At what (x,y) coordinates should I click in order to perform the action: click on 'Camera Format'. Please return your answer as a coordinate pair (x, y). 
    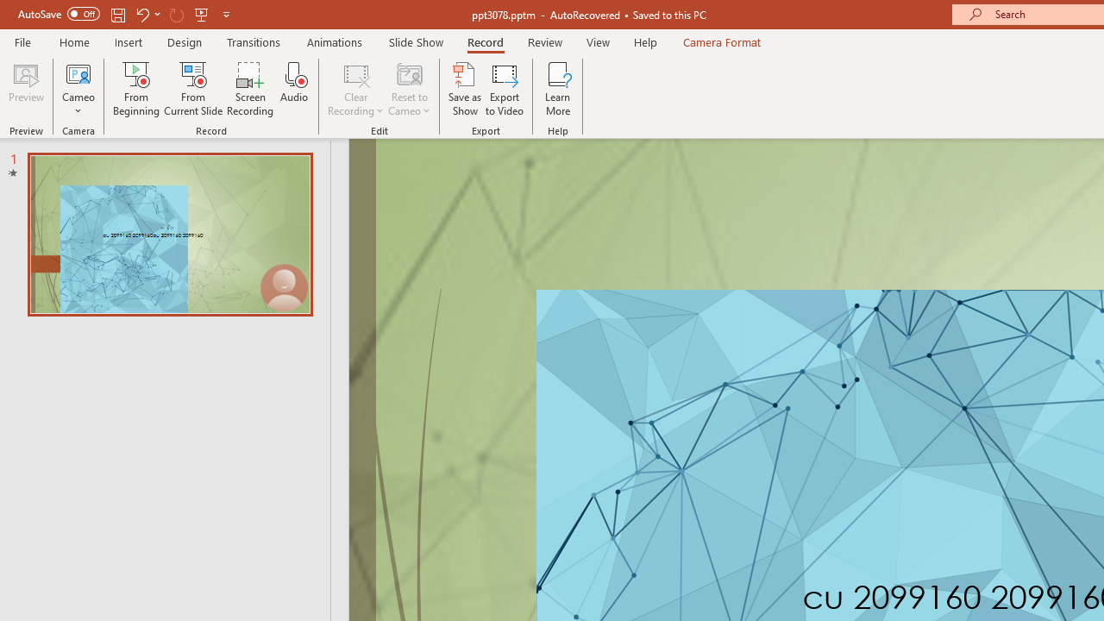
    Looking at the image, I should click on (722, 41).